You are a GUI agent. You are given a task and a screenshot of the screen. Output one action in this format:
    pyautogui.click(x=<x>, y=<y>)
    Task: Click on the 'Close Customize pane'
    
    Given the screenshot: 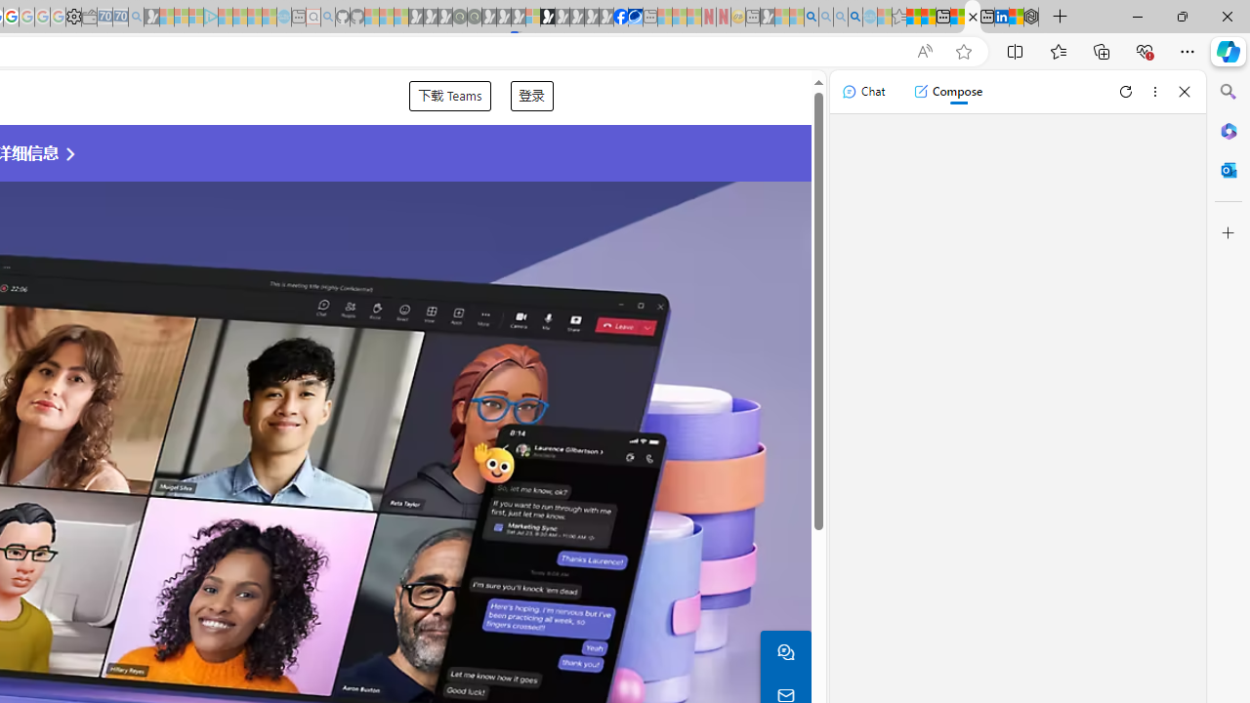 What is the action you would take?
    pyautogui.click(x=1228, y=232)
    